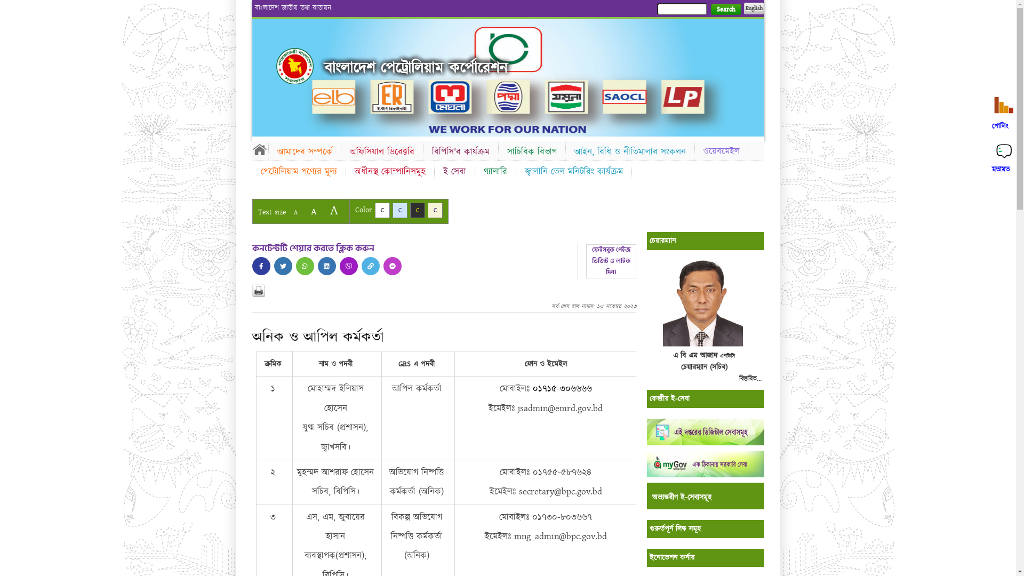  I want to click on 'C', so click(435, 210).